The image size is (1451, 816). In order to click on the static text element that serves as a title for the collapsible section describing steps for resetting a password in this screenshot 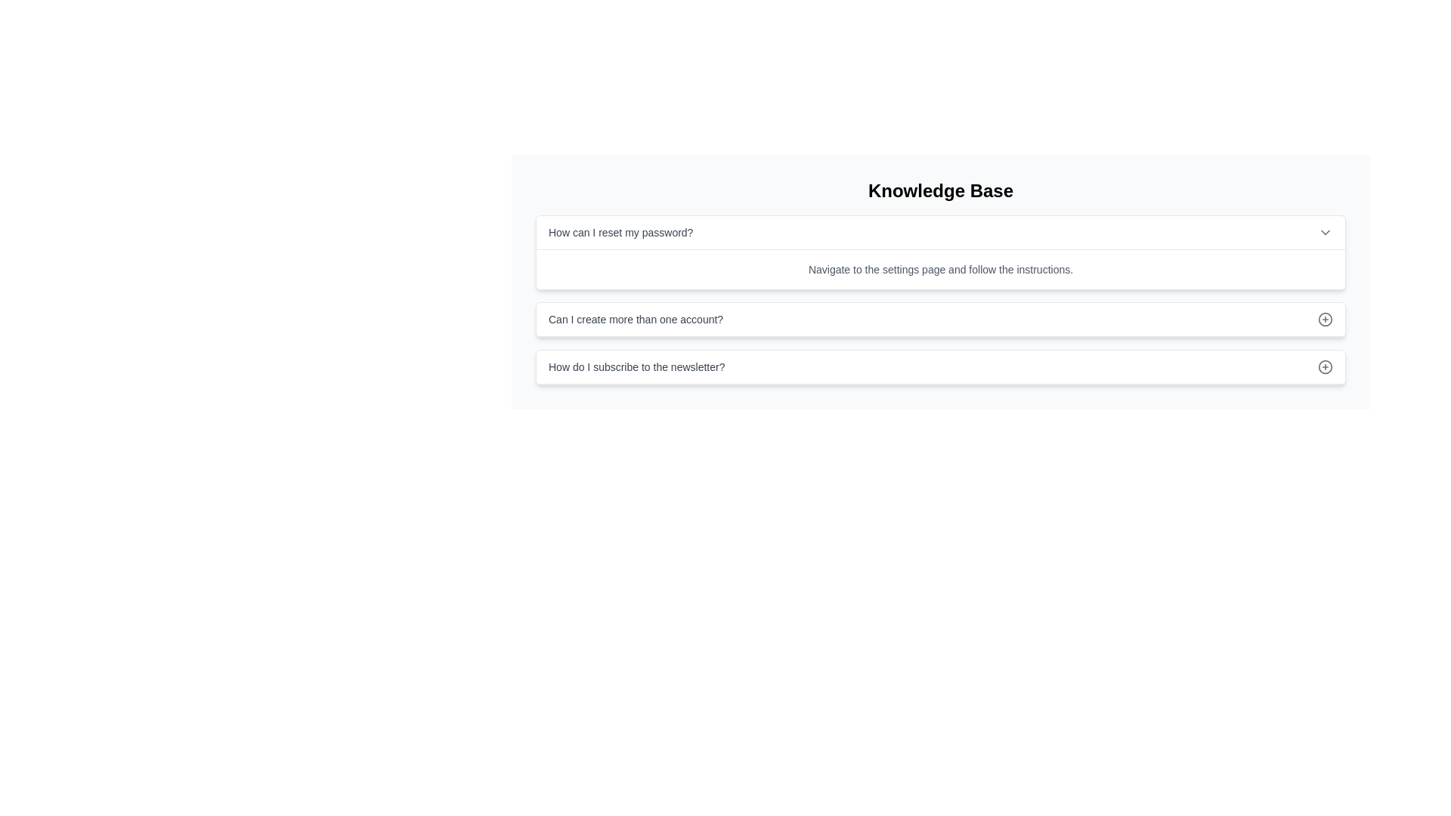, I will do `click(620, 233)`.